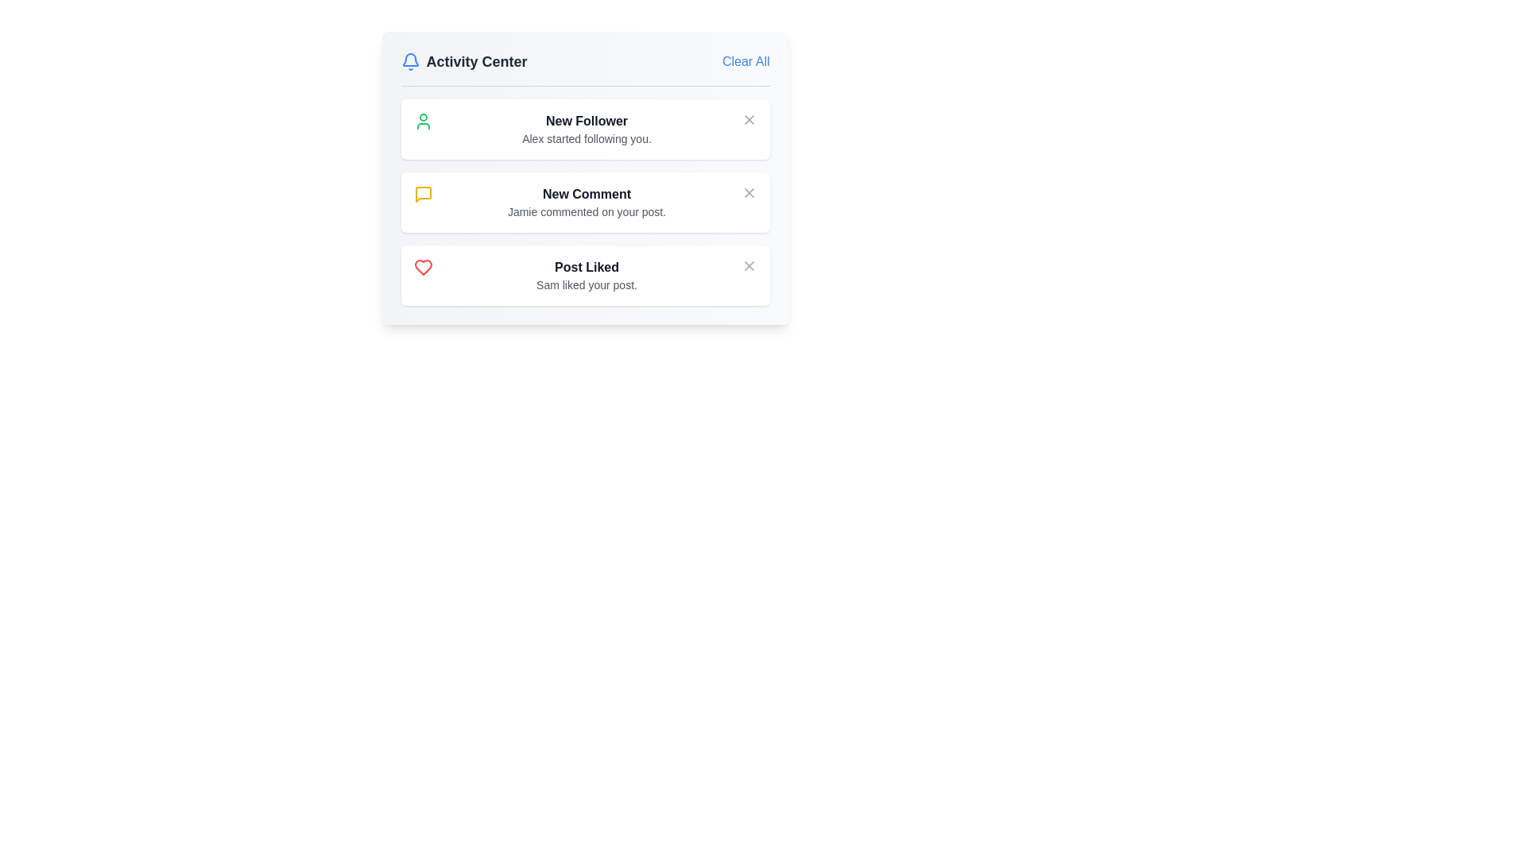 The image size is (1526, 858). Describe the element at coordinates (586, 121) in the screenshot. I see `information displayed on the Text Label indicating a new follower event, which is positioned above the text 'Alex started following you.' in the first notification card of the 'Activity Center' interface` at that location.